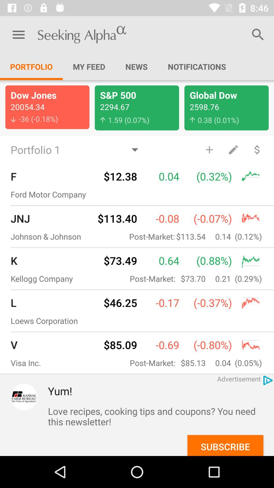  I want to click on adds a note, so click(233, 149).